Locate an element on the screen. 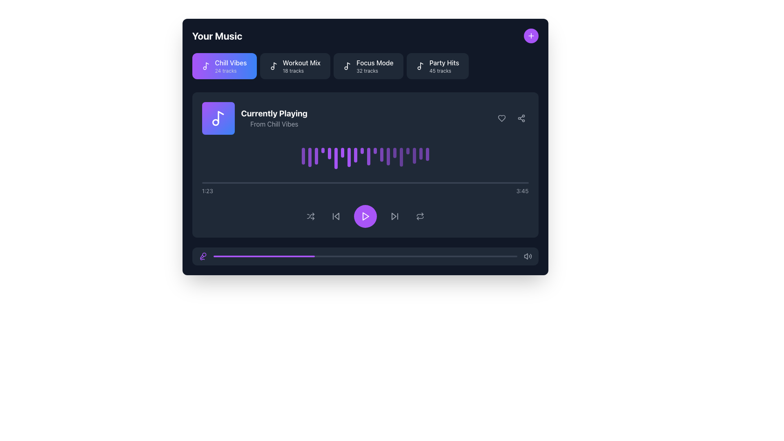  the 'Shuffle' SVG icon, which is the first icon from the left in the playback control bar is located at coordinates (310, 216).